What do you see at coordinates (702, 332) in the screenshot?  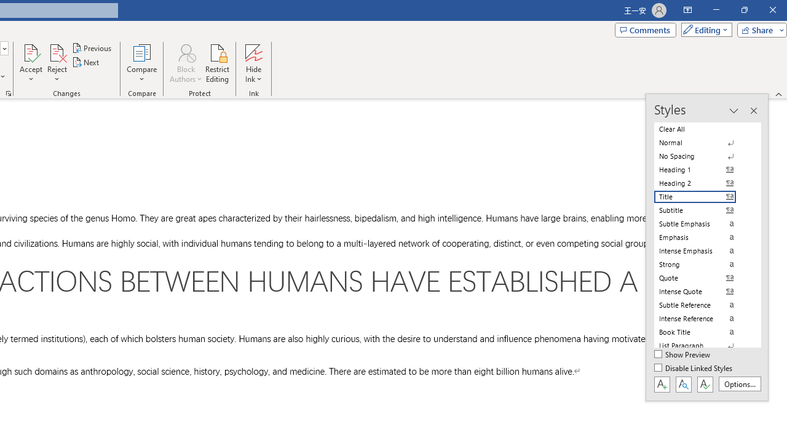 I see `'Book Title'` at bounding box center [702, 332].